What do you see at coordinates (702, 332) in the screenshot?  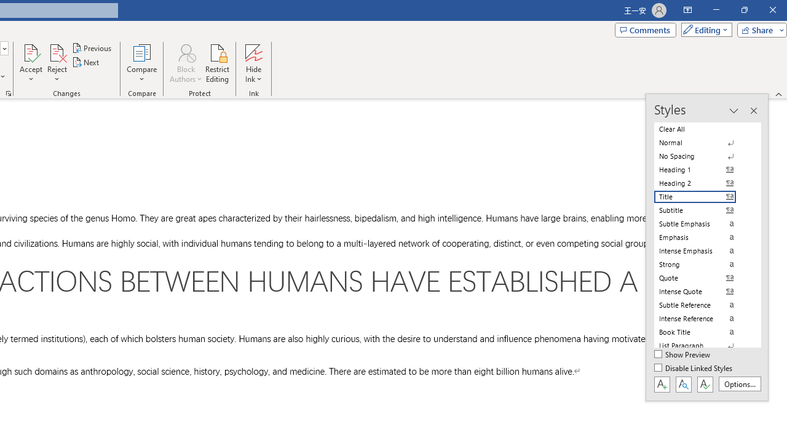 I see `'Book Title'` at bounding box center [702, 332].